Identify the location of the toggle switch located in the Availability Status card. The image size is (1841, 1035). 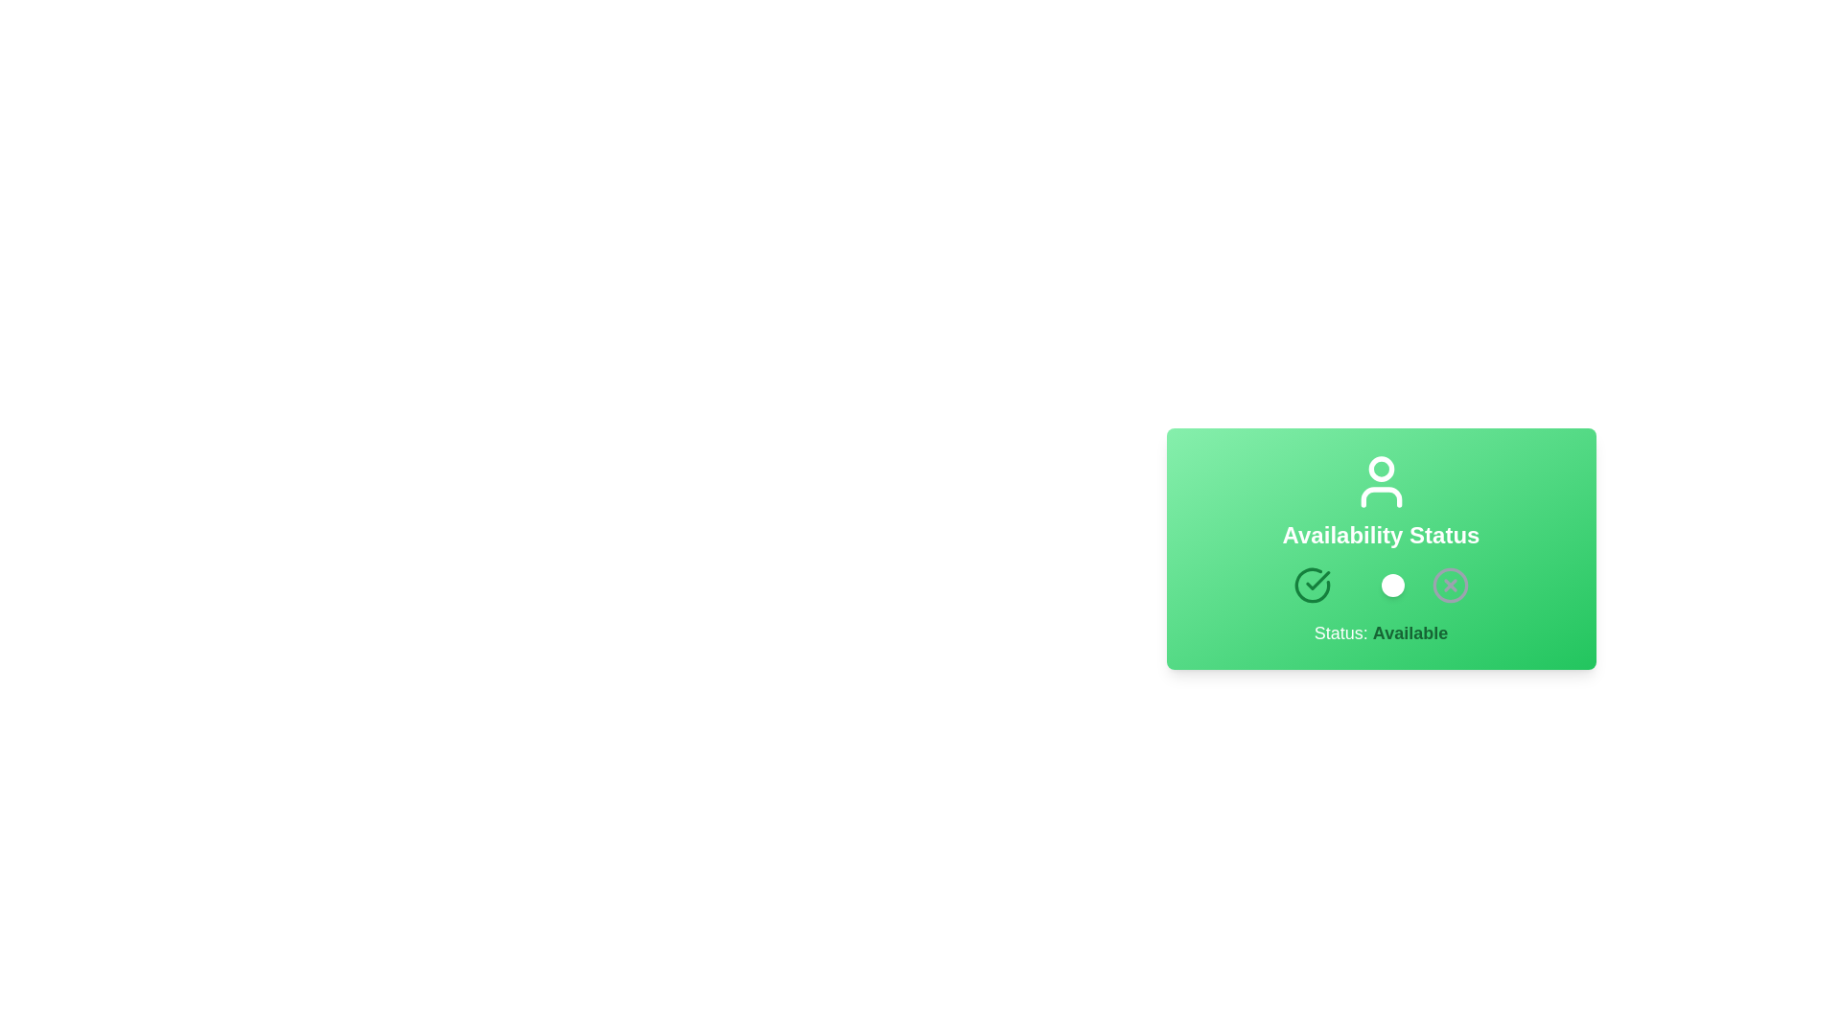
(1381, 584).